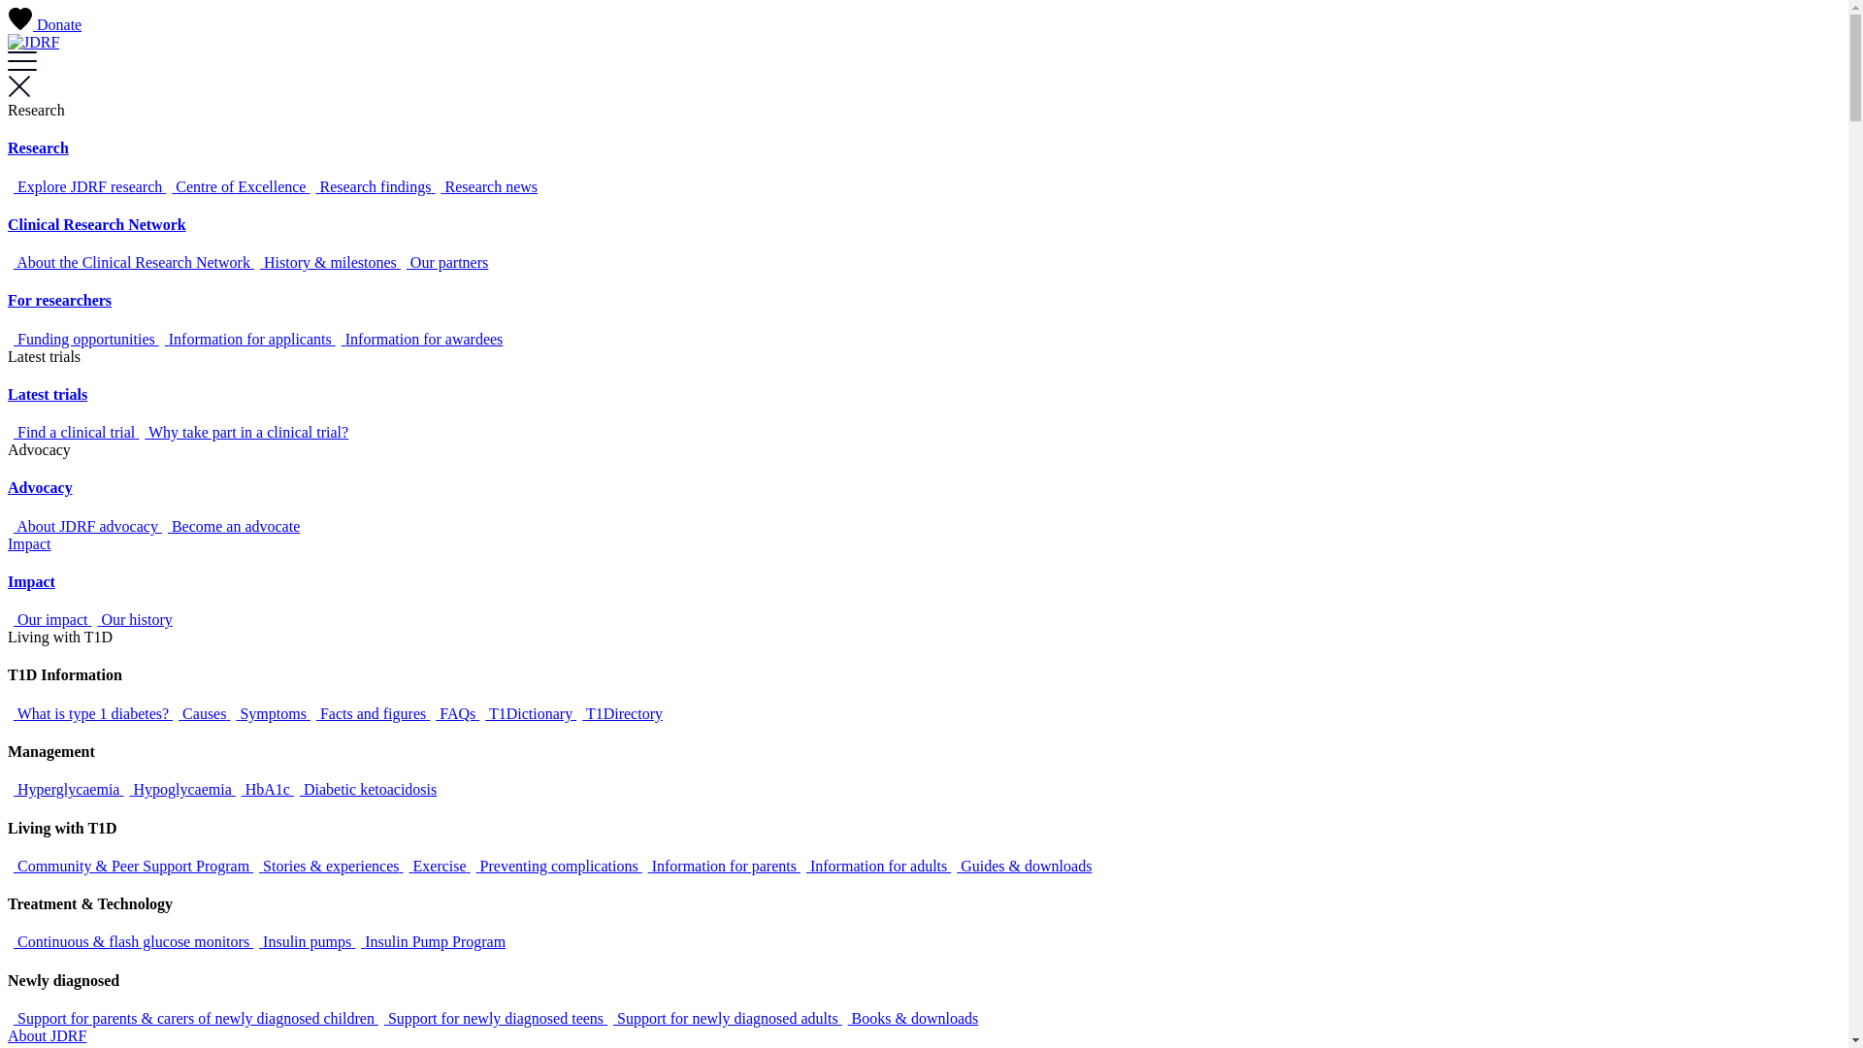  Describe the element at coordinates (303, 940) in the screenshot. I see `'Insulin pumps'` at that location.